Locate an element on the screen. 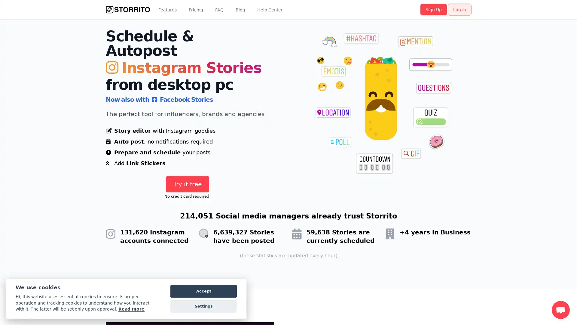  Accept is located at coordinates (203, 291).